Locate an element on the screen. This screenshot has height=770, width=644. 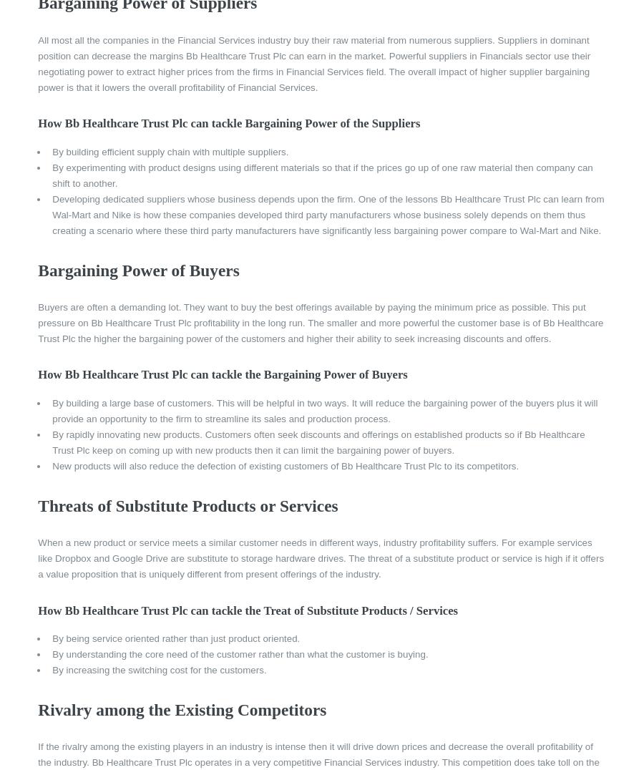
'By understanding the core need of the customer  rather than what the customer is buying.' is located at coordinates (239, 653).